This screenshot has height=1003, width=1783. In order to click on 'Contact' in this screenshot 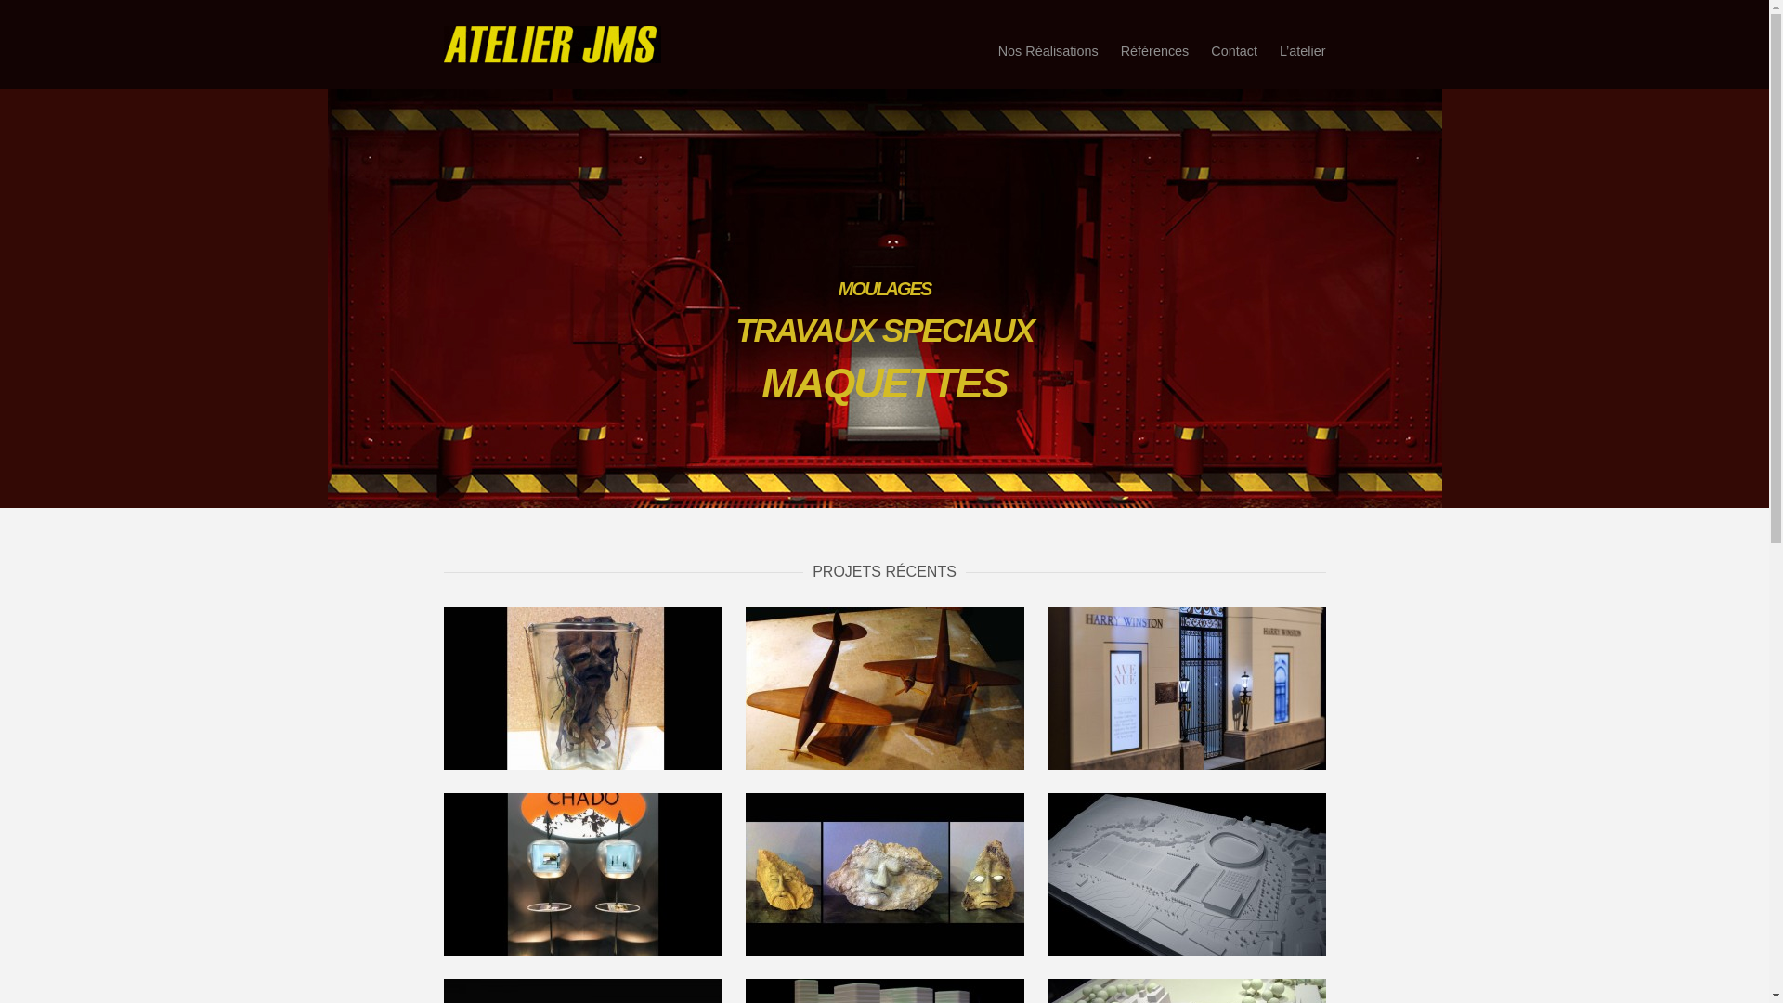, I will do `click(1234, 50)`.